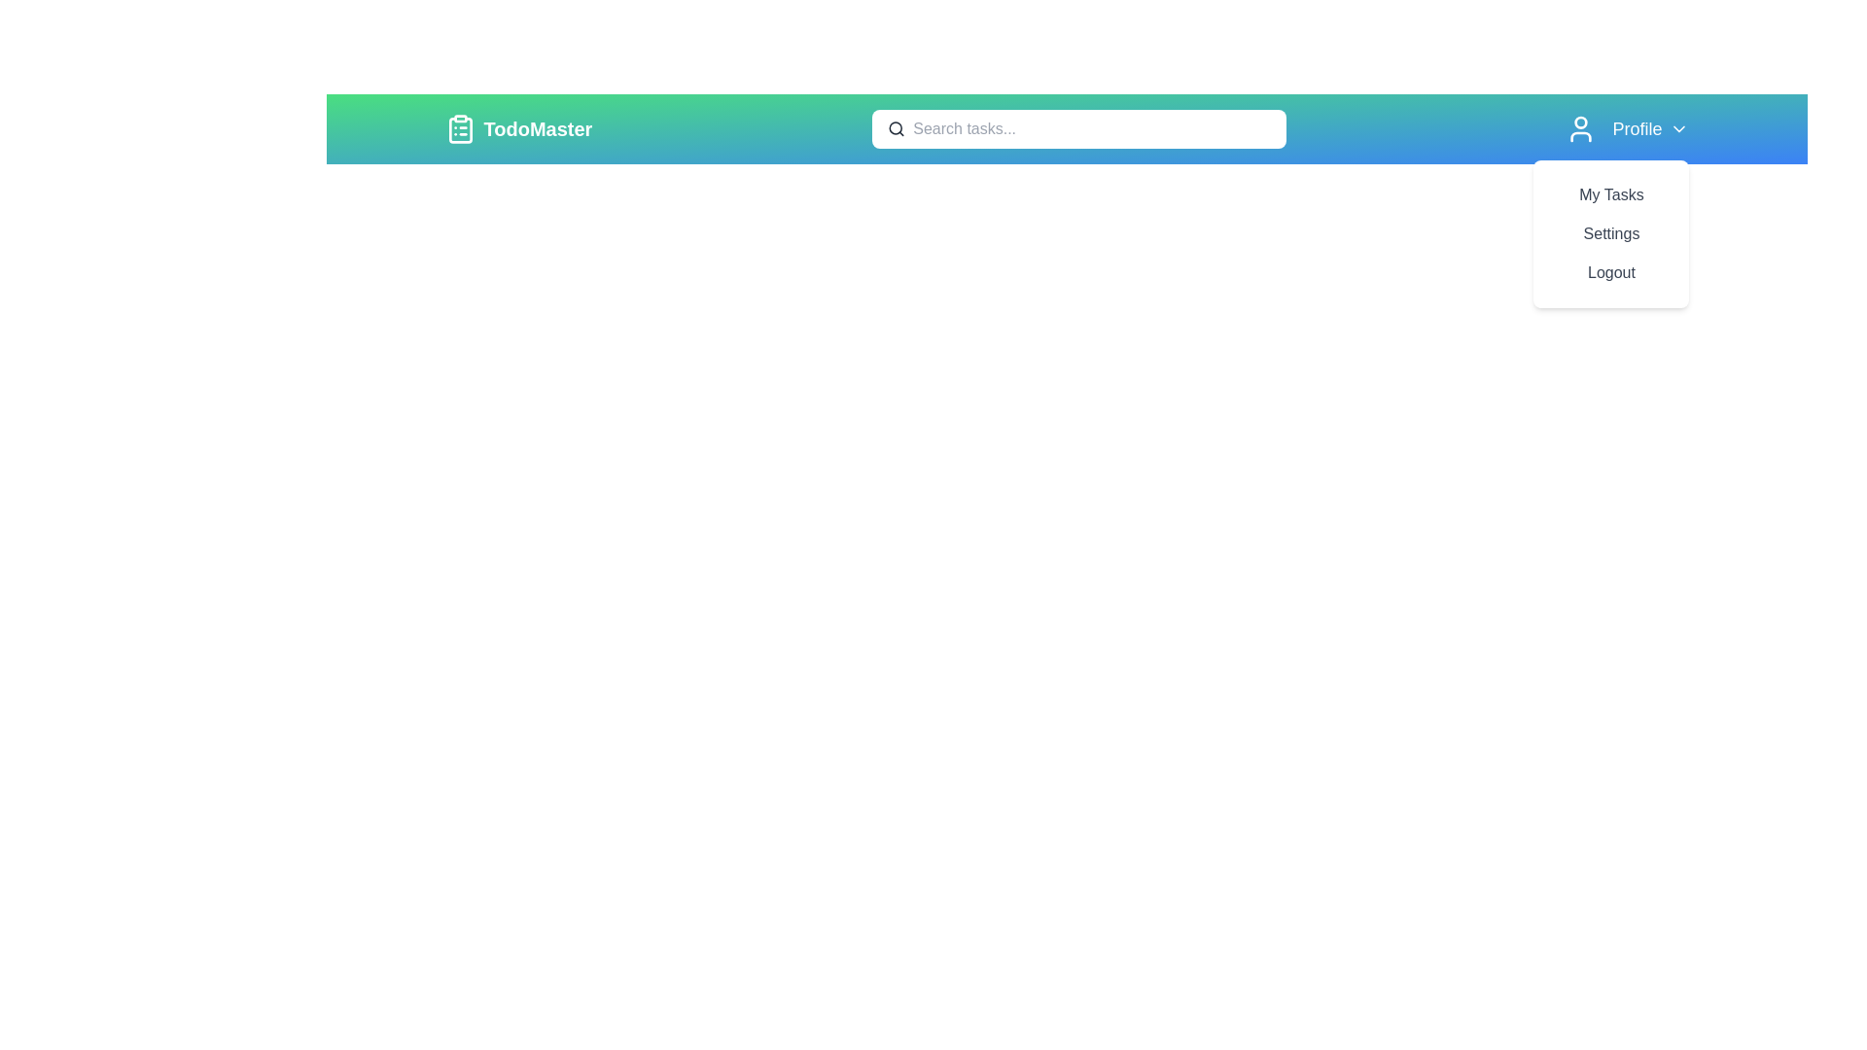  What do you see at coordinates (1581, 128) in the screenshot?
I see `the user icon, which is a minimalist outline of a person located to the left of the 'Profile' label in the top navigation bar` at bounding box center [1581, 128].